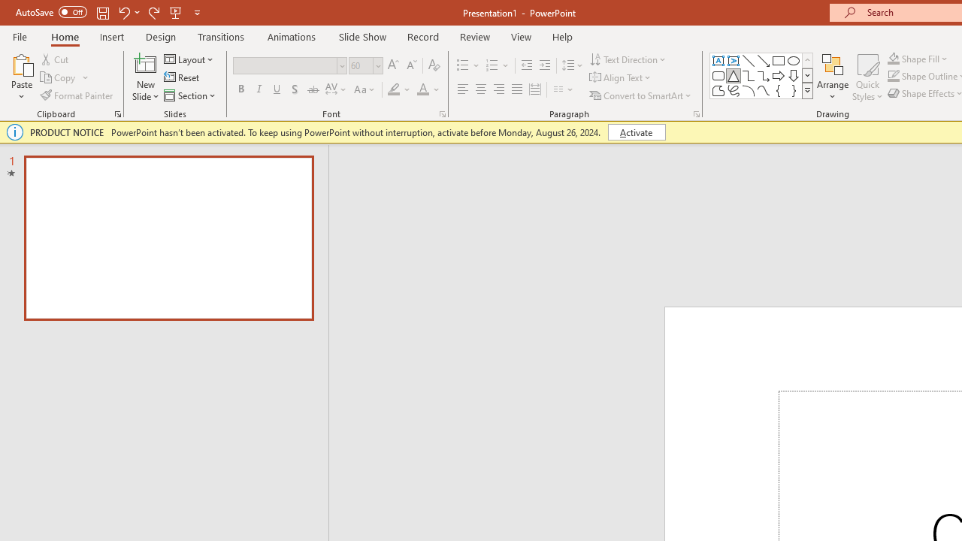 The width and height of the screenshot is (962, 541). I want to click on 'Font...', so click(441, 113).